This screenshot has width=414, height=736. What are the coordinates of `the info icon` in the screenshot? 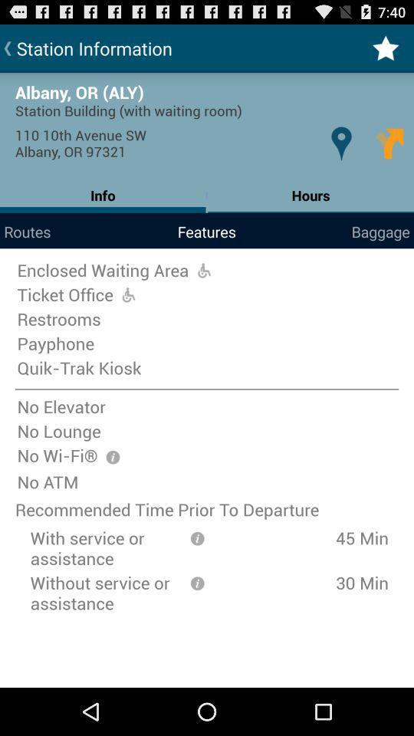 It's located at (112, 488).